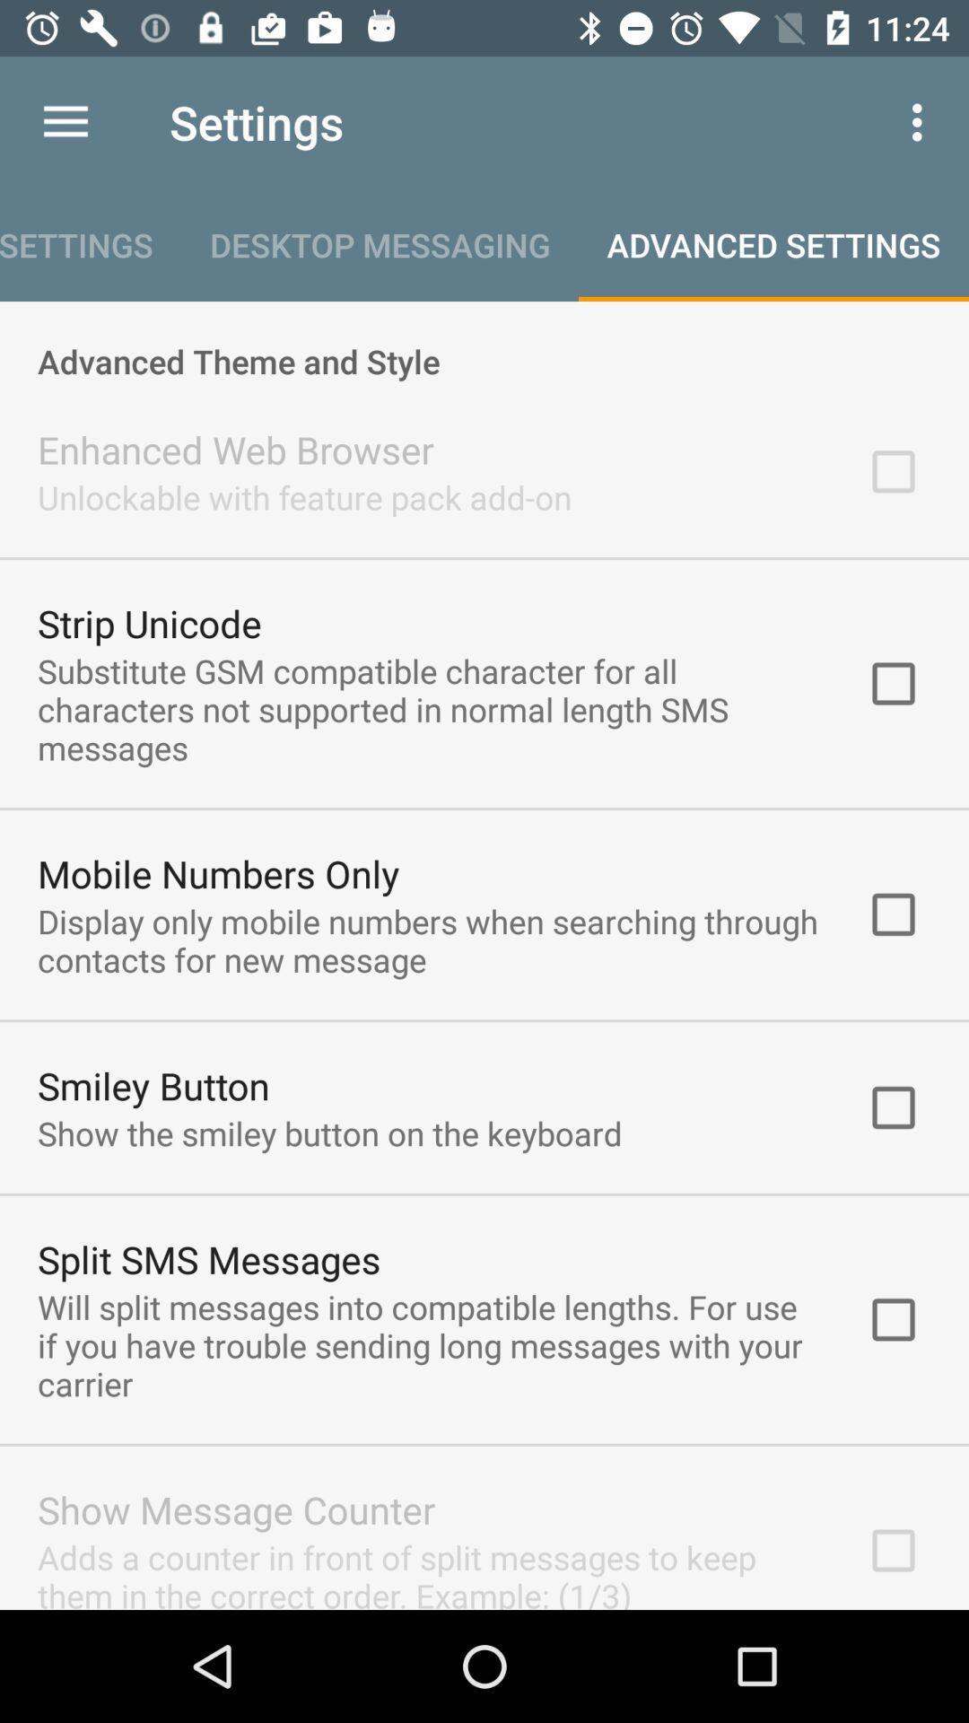 This screenshot has height=1723, width=969. Describe the element at coordinates (303, 497) in the screenshot. I see `unlockable with feature item` at that location.